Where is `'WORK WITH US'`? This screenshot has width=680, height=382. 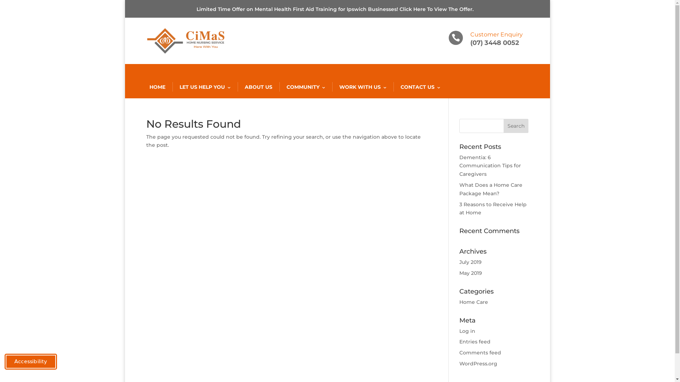 'WORK WITH US' is located at coordinates (363, 87).